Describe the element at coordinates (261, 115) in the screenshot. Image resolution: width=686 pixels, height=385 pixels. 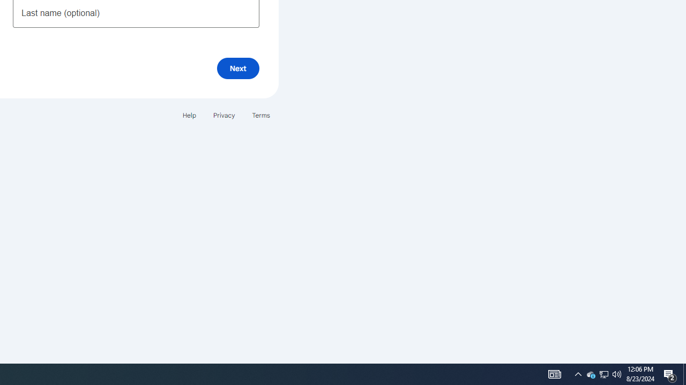
I see `'Terms'` at that location.